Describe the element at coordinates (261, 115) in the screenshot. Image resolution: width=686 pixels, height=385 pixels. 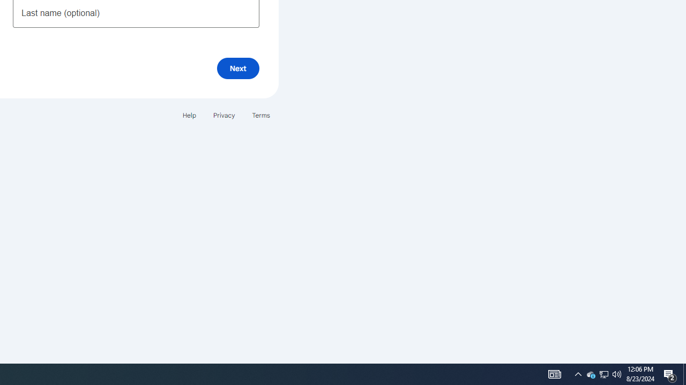
I see `'Terms'` at that location.